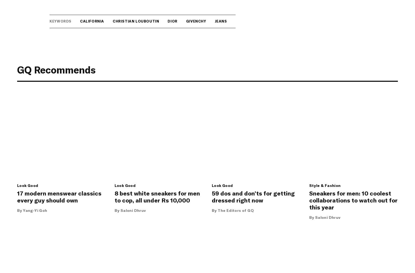  What do you see at coordinates (157, 196) in the screenshot?
I see `'8 best white sneakers for men to cop, all under Rs 10,000'` at bounding box center [157, 196].